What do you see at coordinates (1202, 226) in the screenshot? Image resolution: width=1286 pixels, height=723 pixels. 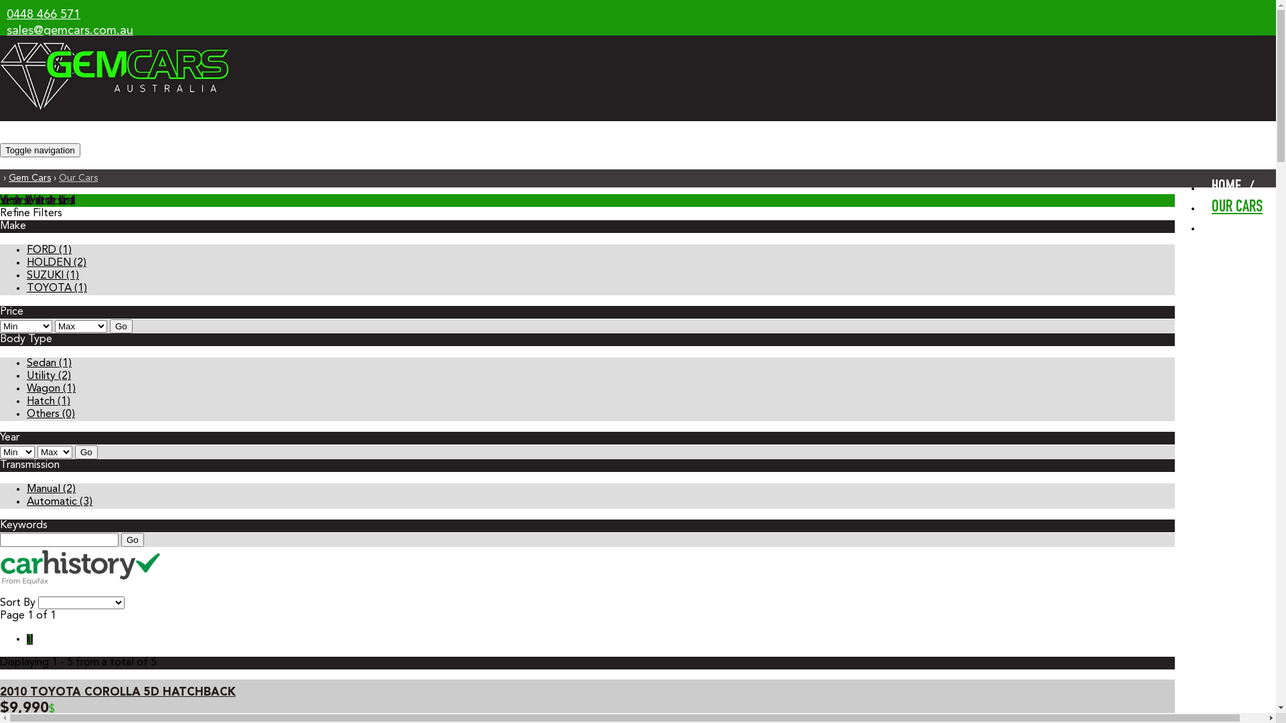 I see `'CONTACT US'` at bounding box center [1202, 226].